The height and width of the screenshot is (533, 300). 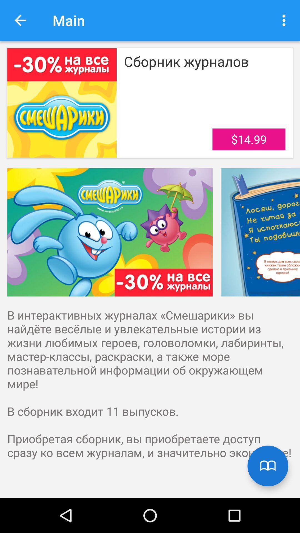 What do you see at coordinates (267, 466) in the screenshot?
I see `the book icon` at bounding box center [267, 466].